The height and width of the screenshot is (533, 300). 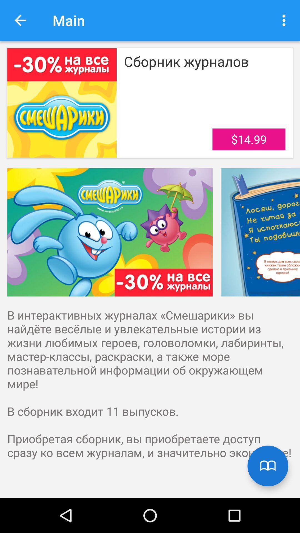 What do you see at coordinates (267, 466) in the screenshot?
I see `the book icon` at bounding box center [267, 466].